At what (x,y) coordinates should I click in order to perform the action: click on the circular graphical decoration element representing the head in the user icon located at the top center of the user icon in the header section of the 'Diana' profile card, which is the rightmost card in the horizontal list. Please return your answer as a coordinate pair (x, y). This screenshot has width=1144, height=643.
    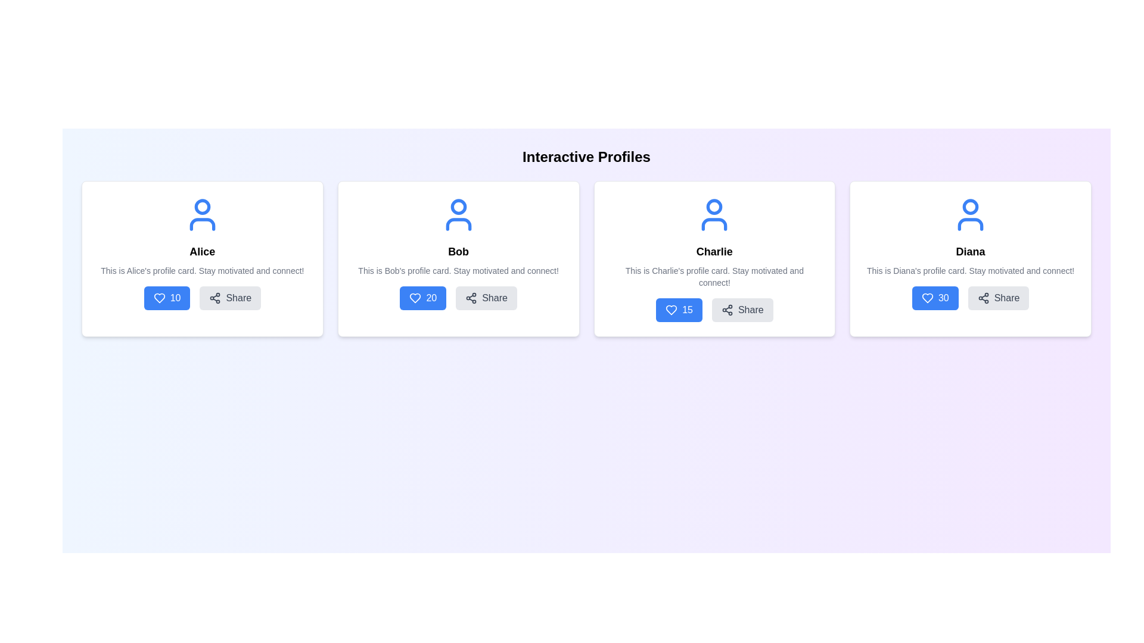
    Looking at the image, I should click on (971, 206).